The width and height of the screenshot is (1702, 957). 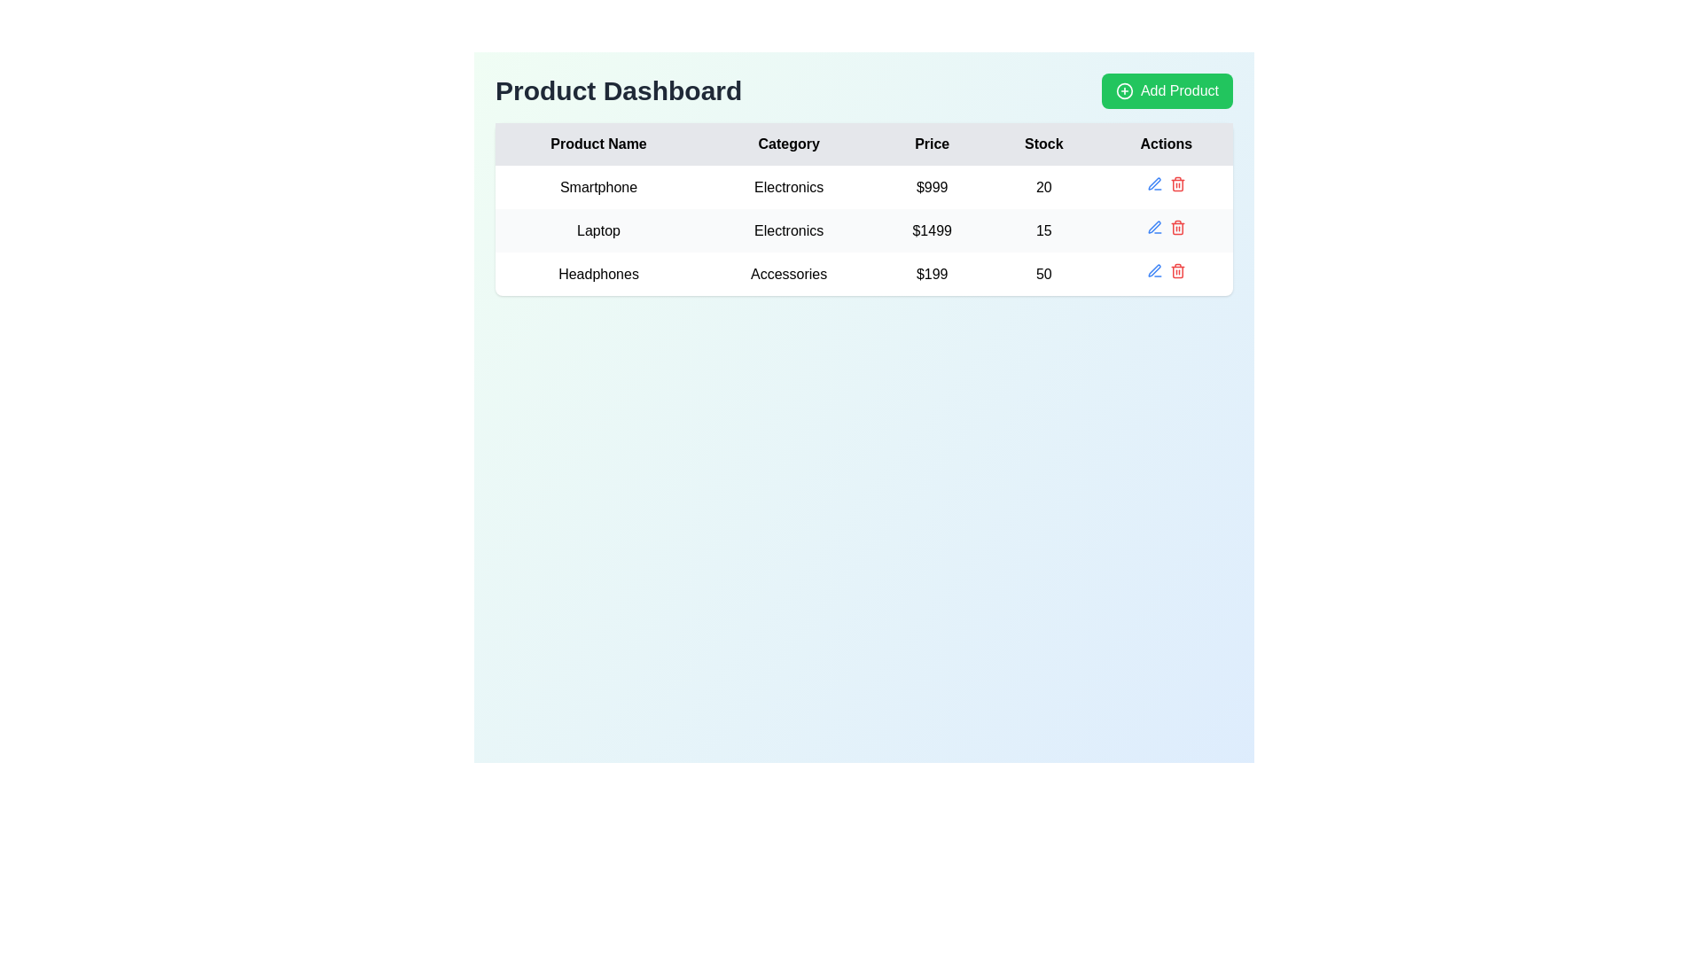 I want to click on the red trash bin icon in the 'Actions' column of the second row of the data table, so click(x=1166, y=230).